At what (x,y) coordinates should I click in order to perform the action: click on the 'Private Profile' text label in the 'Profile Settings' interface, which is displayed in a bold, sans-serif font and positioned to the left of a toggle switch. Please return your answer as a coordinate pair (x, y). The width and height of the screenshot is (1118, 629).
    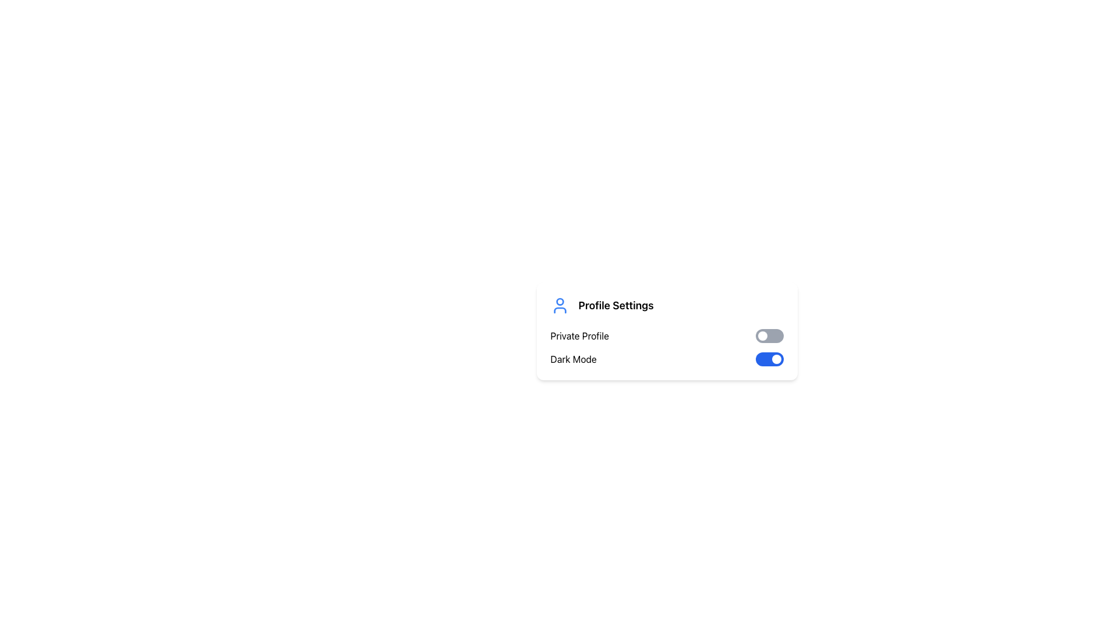
    Looking at the image, I should click on (579, 336).